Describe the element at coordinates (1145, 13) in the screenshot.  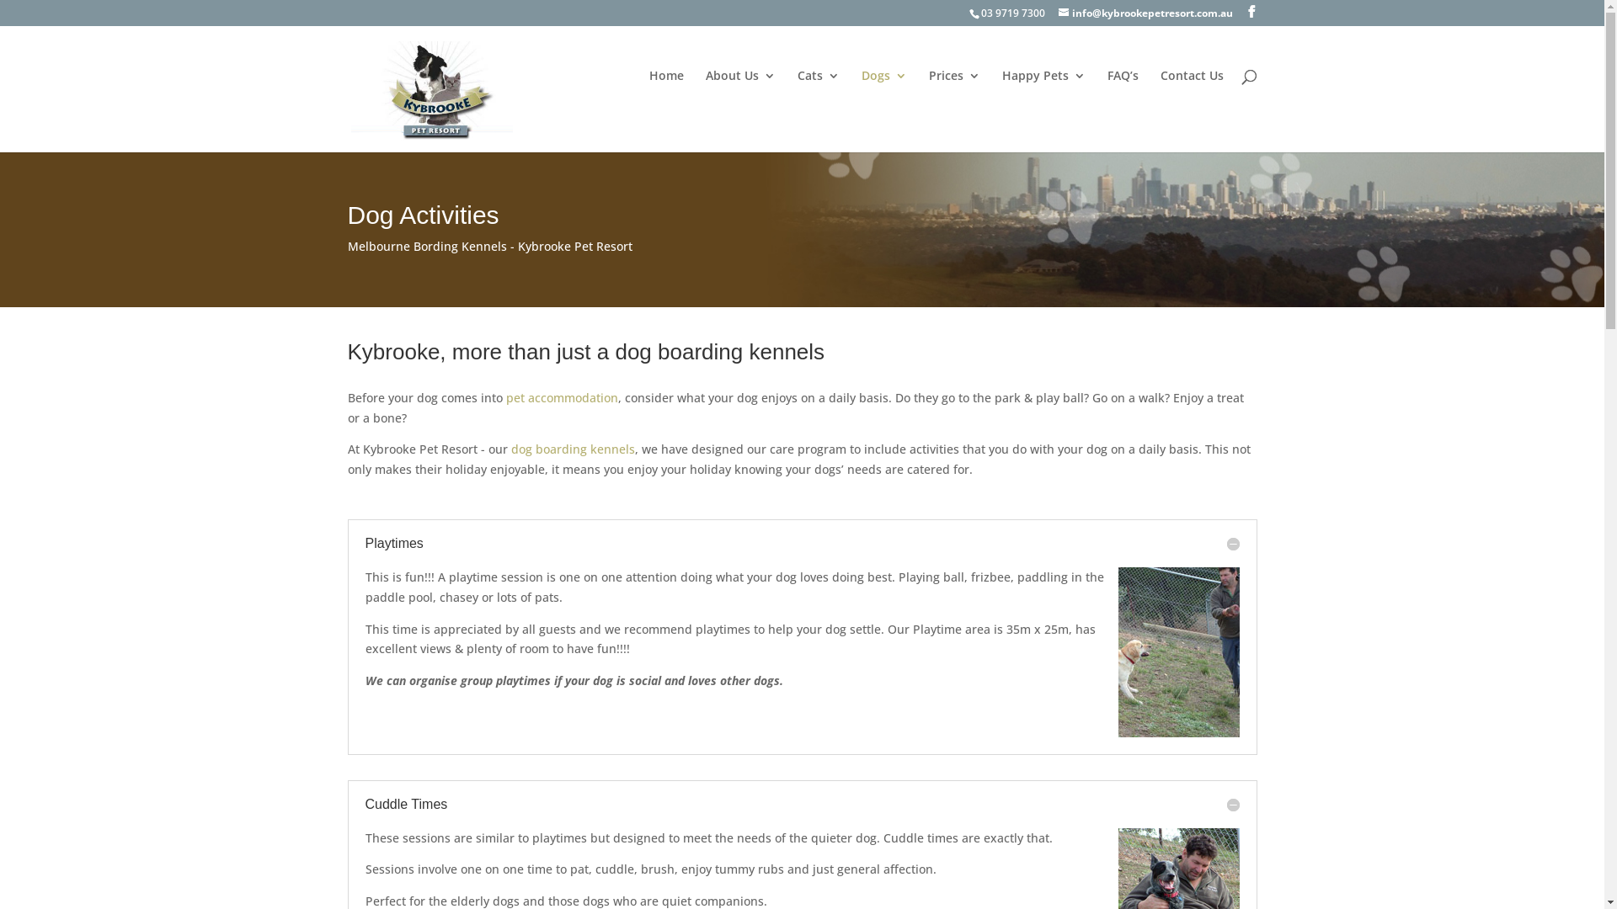
I see `'info@kybrookepetresort.com.au'` at that location.